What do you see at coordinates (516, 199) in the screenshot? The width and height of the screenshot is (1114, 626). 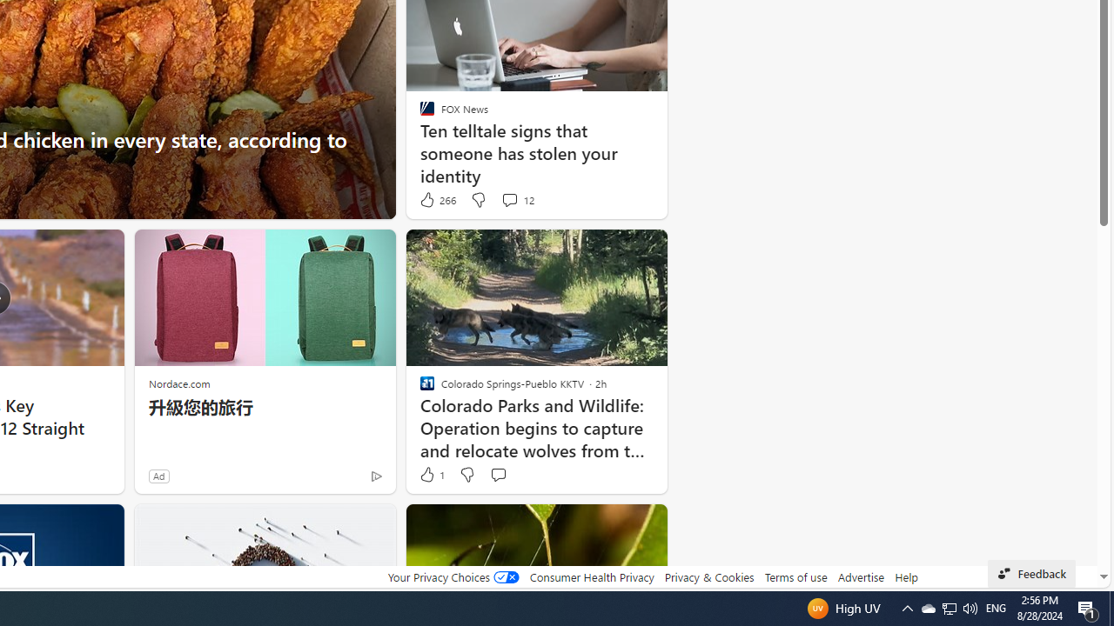 I see `'View comments 12 Comment'` at bounding box center [516, 199].